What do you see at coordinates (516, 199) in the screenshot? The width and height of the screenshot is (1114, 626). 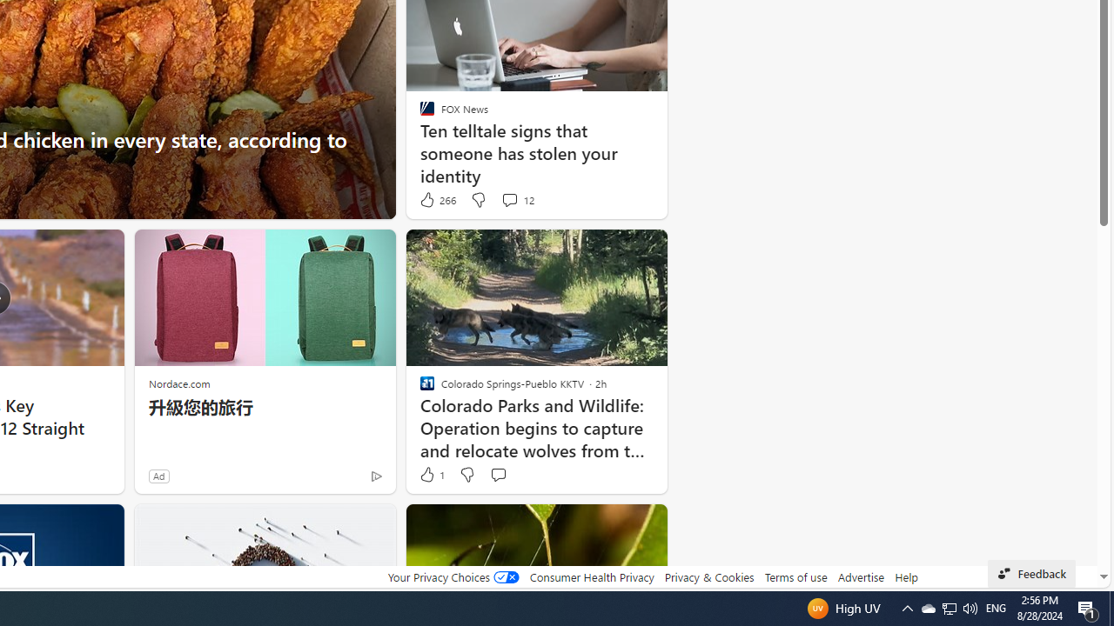 I see `'View comments 12 Comment'` at bounding box center [516, 199].